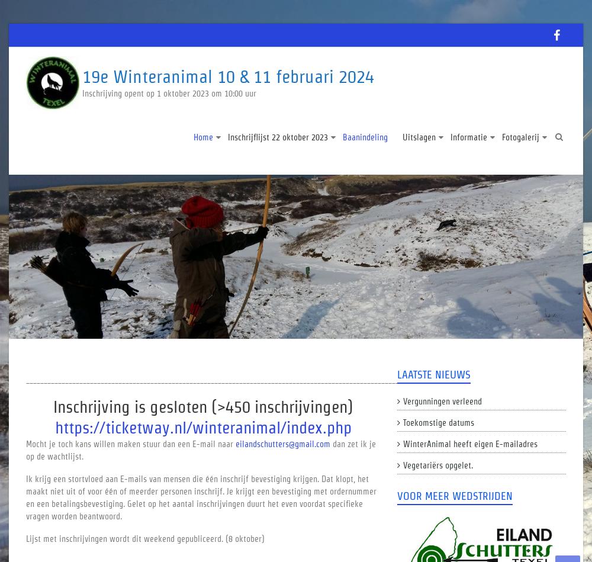 This screenshot has height=562, width=592. I want to click on 'WinterAnimal heeft eigen E-mailadres', so click(469, 444).